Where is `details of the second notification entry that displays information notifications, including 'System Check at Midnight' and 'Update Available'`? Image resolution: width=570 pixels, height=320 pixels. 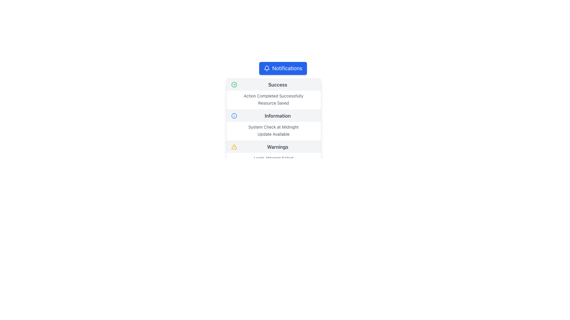 details of the second notification entry that displays information notifications, including 'System Check at Midnight' and 'Update Available' is located at coordinates (273, 125).